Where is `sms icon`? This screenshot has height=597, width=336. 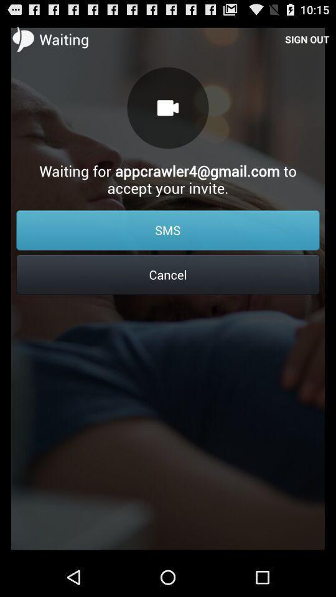
sms icon is located at coordinates (168, 229).